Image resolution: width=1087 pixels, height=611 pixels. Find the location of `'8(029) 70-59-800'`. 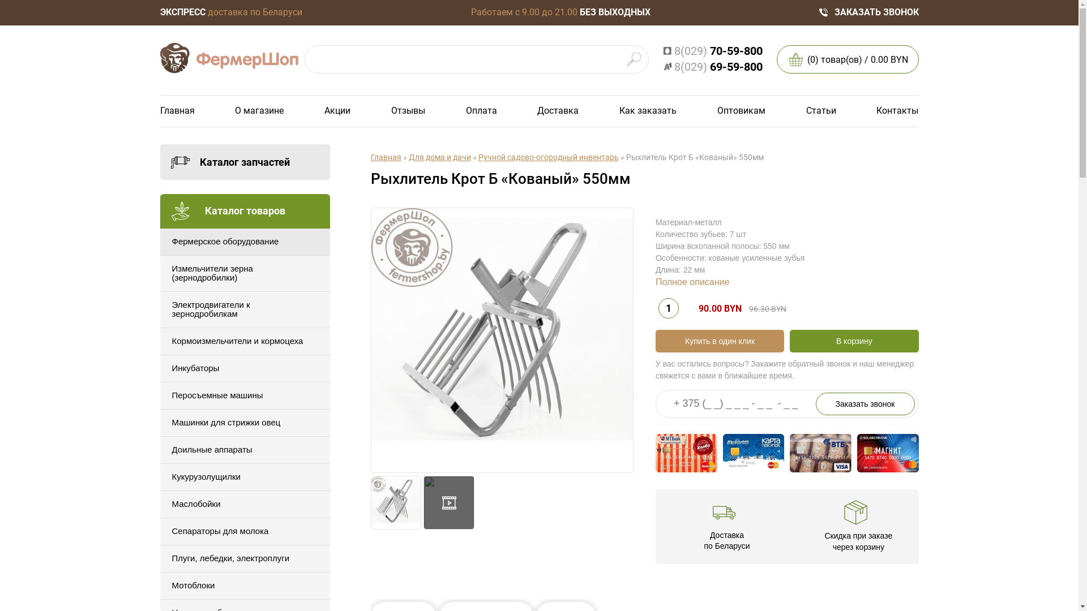

'8(029) 70-59-800' is located at coordinates (711, 51).